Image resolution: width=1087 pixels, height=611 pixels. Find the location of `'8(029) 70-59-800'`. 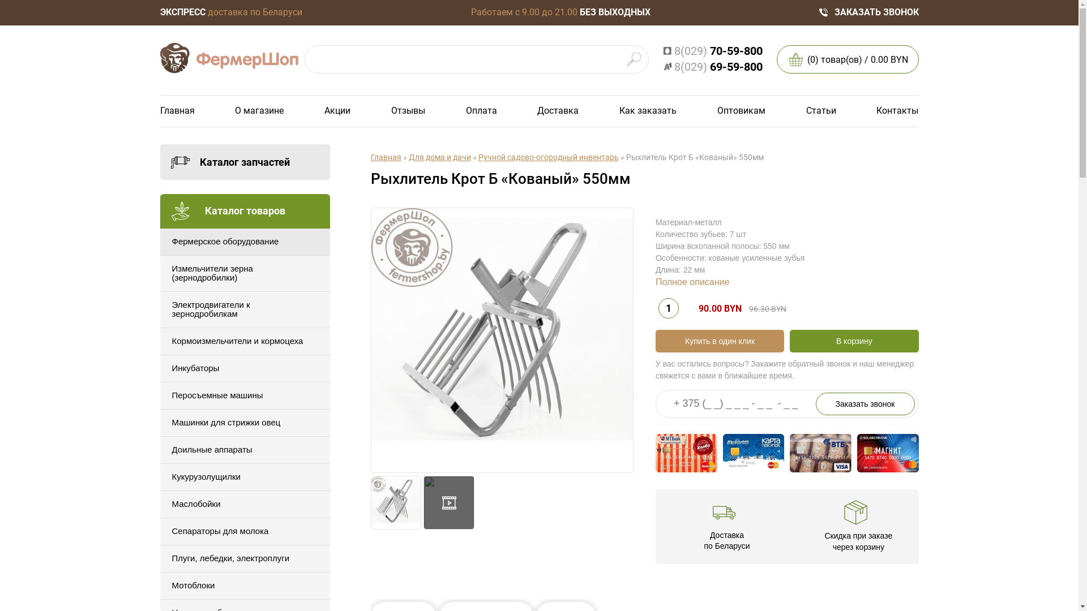

'8(029) 70-59-800' is located at coordinates (711, 51).